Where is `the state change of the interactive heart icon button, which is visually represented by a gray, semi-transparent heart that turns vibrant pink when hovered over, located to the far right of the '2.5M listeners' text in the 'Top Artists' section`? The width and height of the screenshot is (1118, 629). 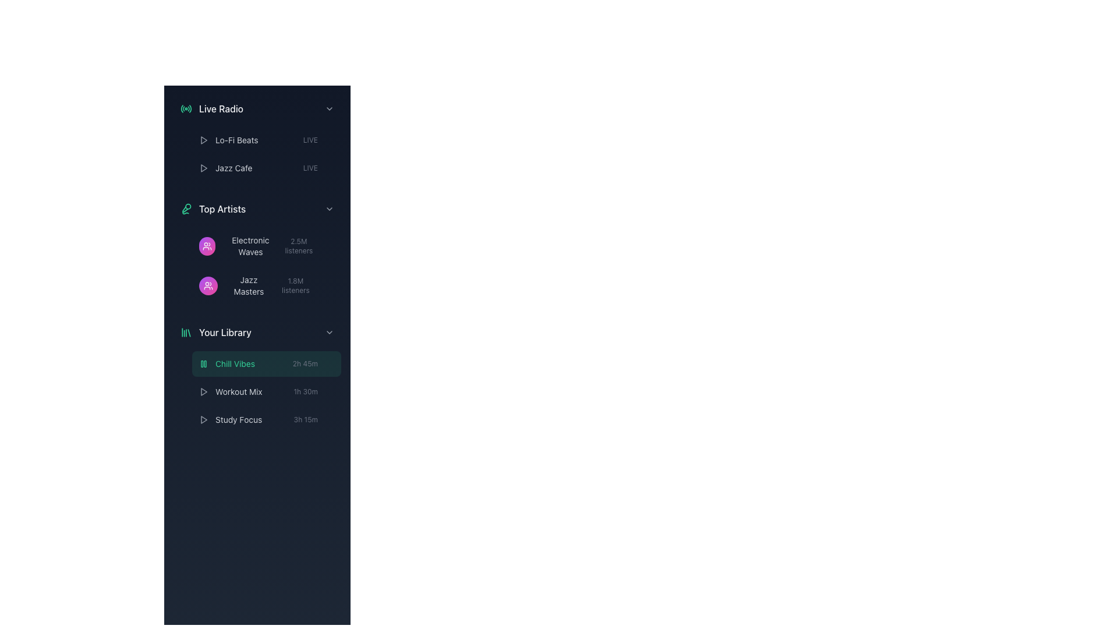 the state change of the interactive heart icon button, which is visually represented by a gray, semi-transparent heart that turns vibrant pink when hovered over, located to the far right of the '2.5M listeners' text in the 'Top Artists' section is located at coordinates (329, 246).